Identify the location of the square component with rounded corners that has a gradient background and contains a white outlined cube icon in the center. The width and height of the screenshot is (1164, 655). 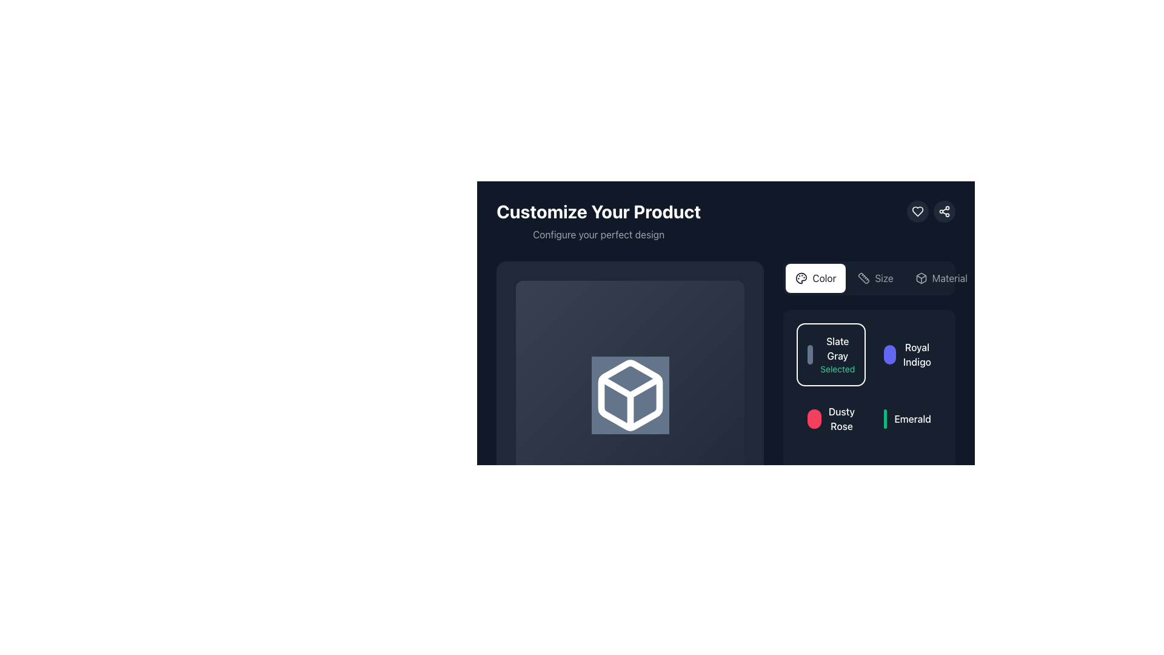
(630, 395).